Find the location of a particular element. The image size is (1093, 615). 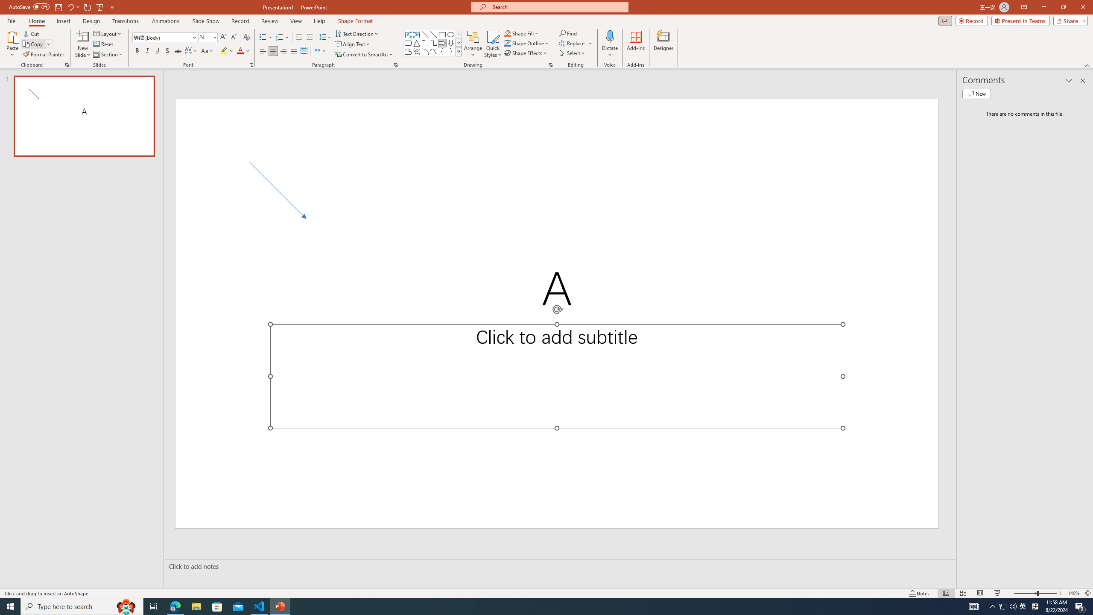

'New comment' is located at coordinates (976, 93).